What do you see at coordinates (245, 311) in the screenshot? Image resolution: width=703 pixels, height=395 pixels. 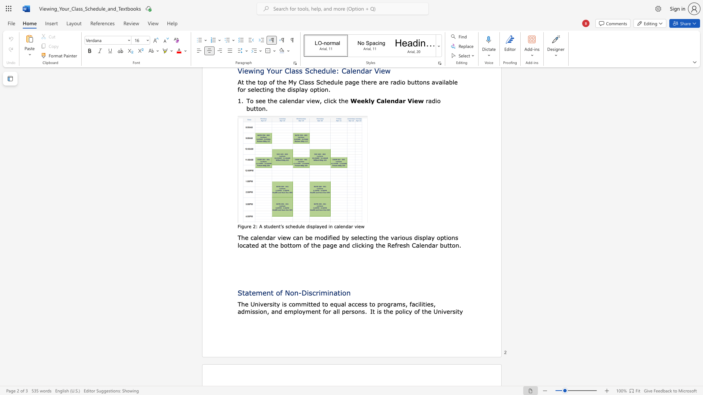 I see `the subset text "mission, and employment for all person" within the text "The University is committed to equal access to programs, facilities, admission, and employment for all persons.  It is the policy of the University"` at bounding box center [245, 311].